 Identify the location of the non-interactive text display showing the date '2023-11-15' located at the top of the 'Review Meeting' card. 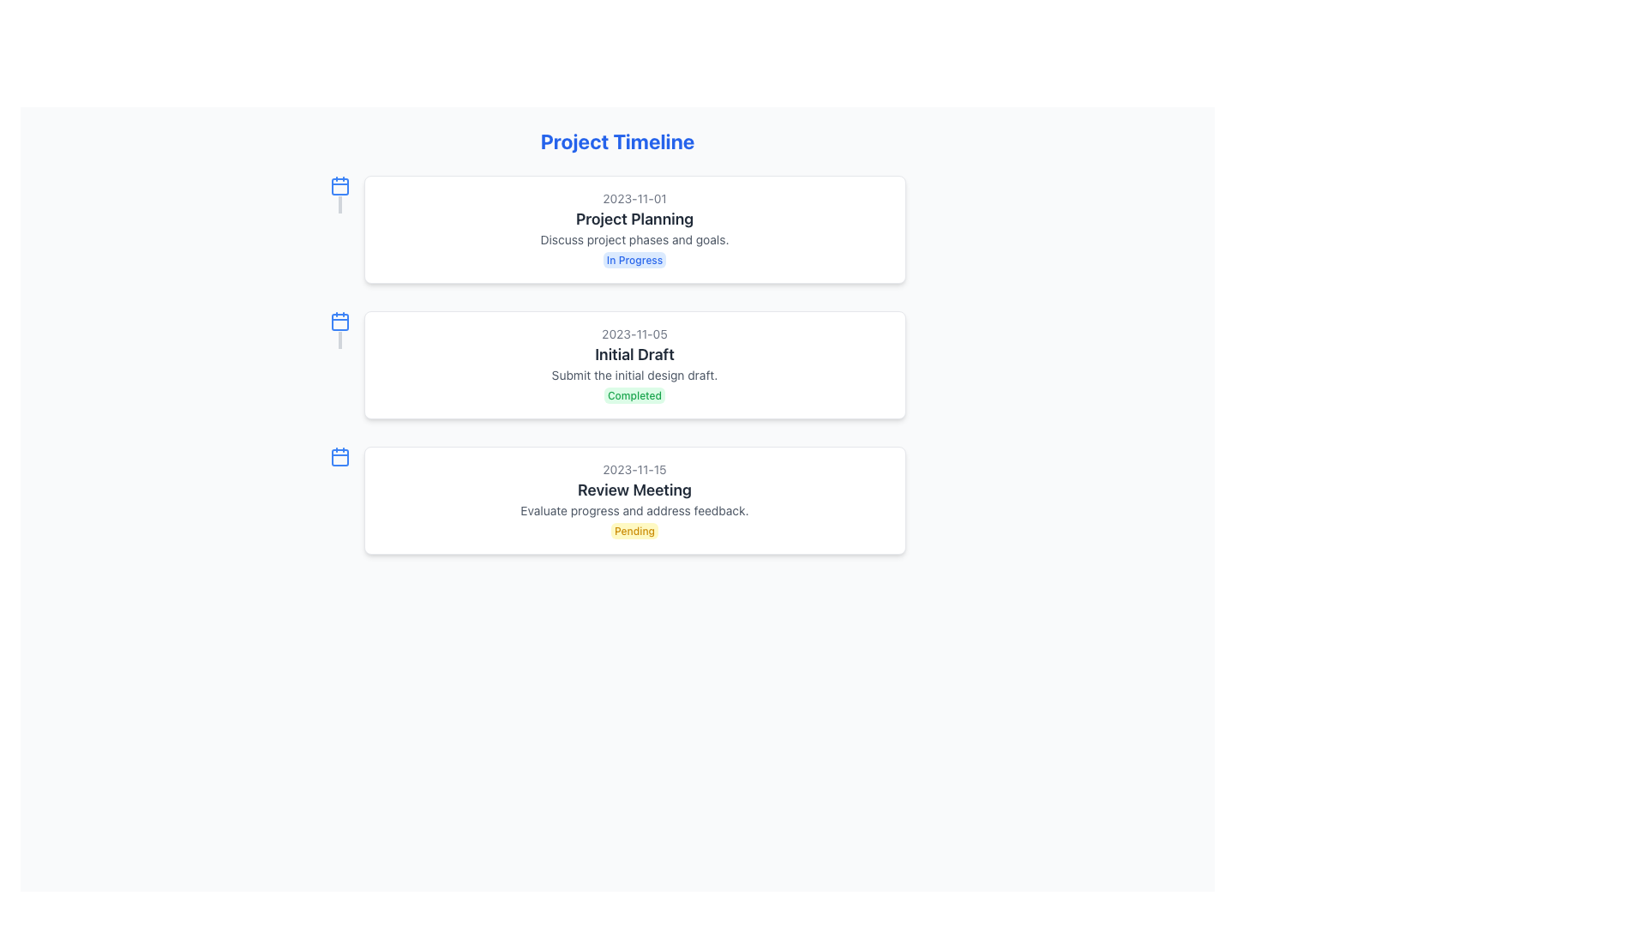
(634, 469).